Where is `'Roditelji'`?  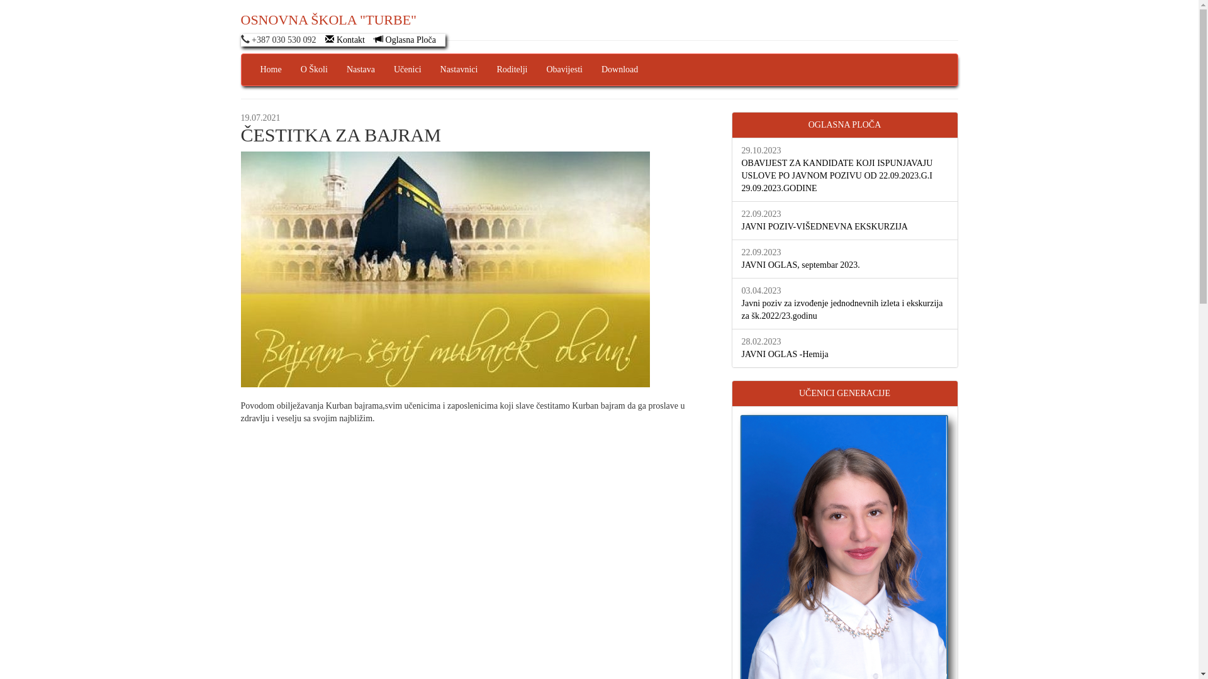
'Roditelji' is located at coordinates (486, 70).